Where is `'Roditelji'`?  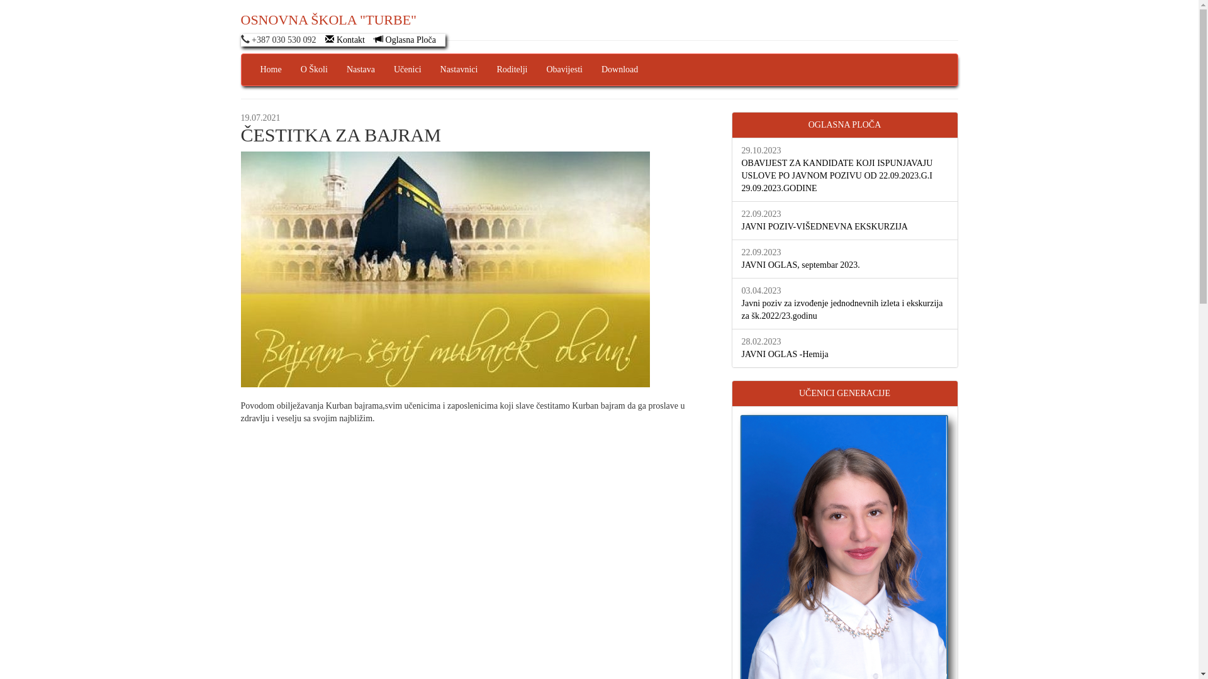
'Roditelji' is located at coordinates (486, 70).